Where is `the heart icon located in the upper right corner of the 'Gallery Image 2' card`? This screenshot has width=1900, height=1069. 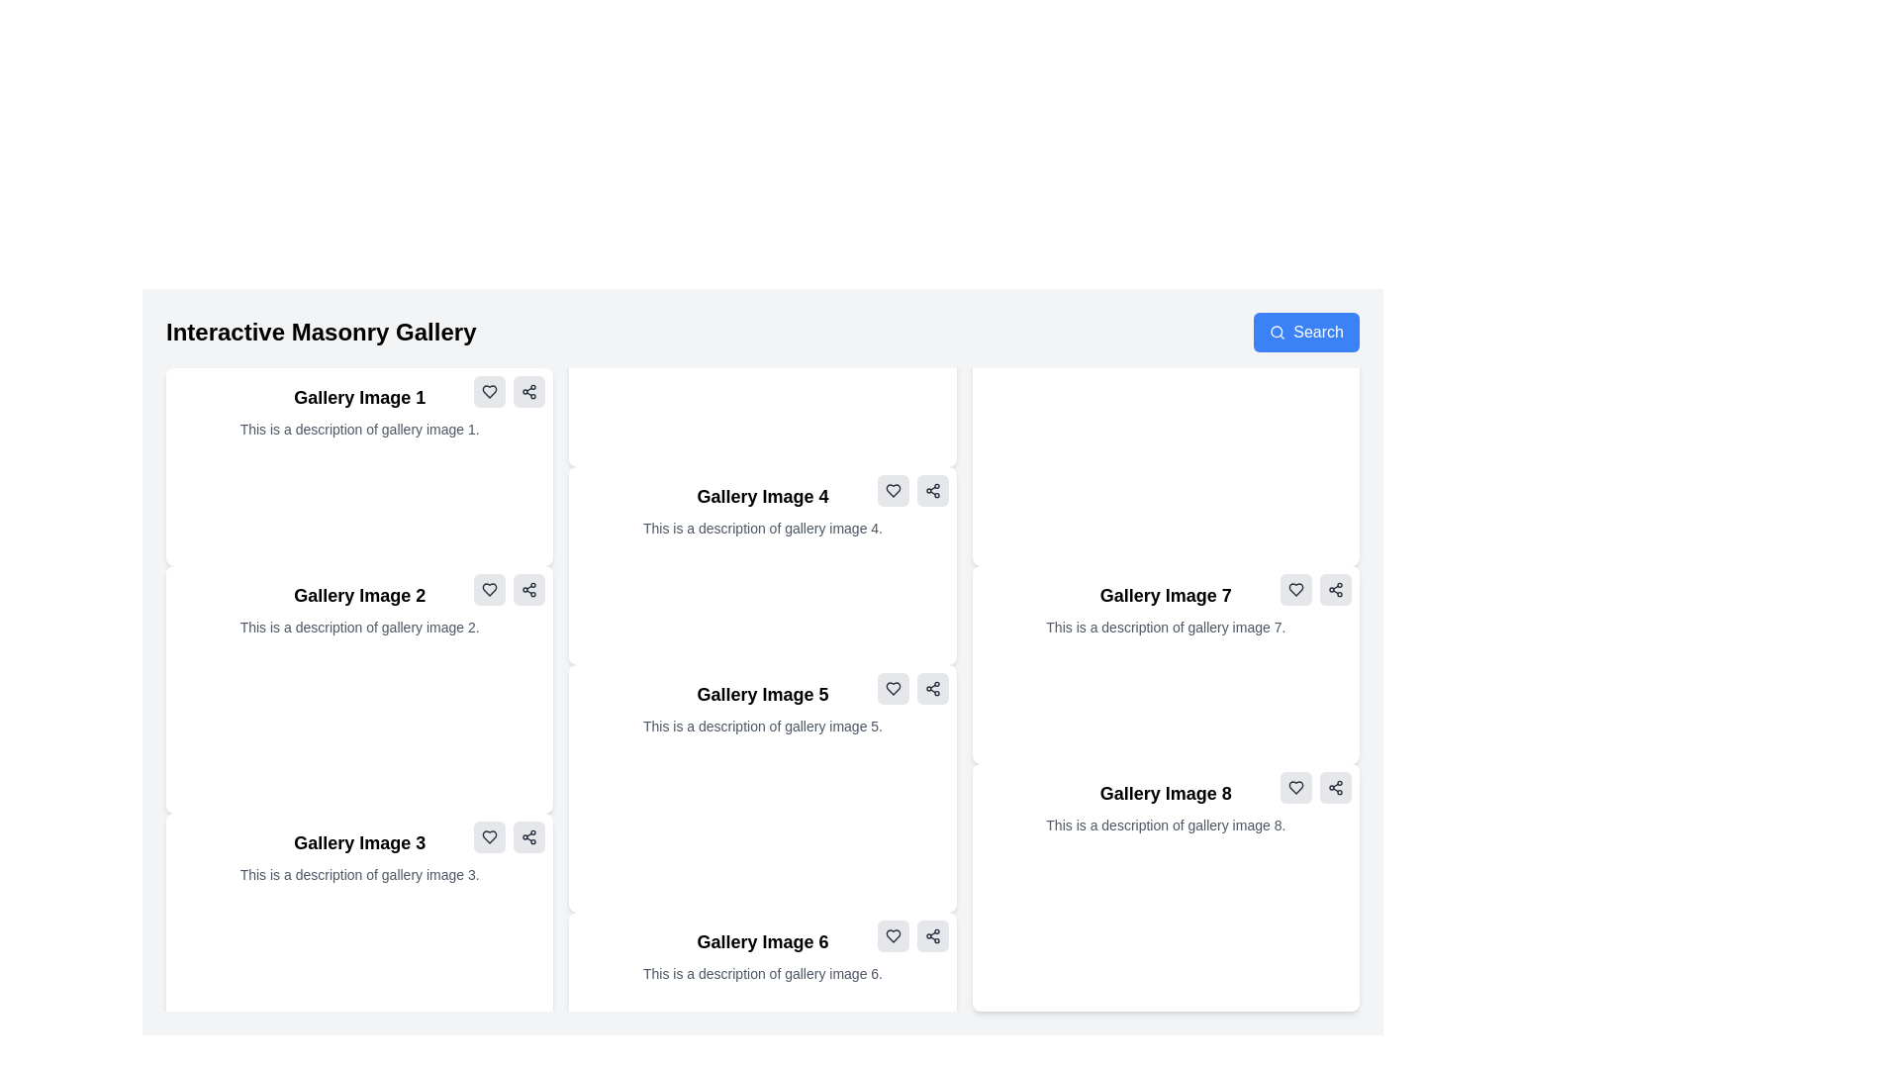 the heart icon located in the upper right corner of the 'Gallery Image 2' card is located at coordinates (490, 392).